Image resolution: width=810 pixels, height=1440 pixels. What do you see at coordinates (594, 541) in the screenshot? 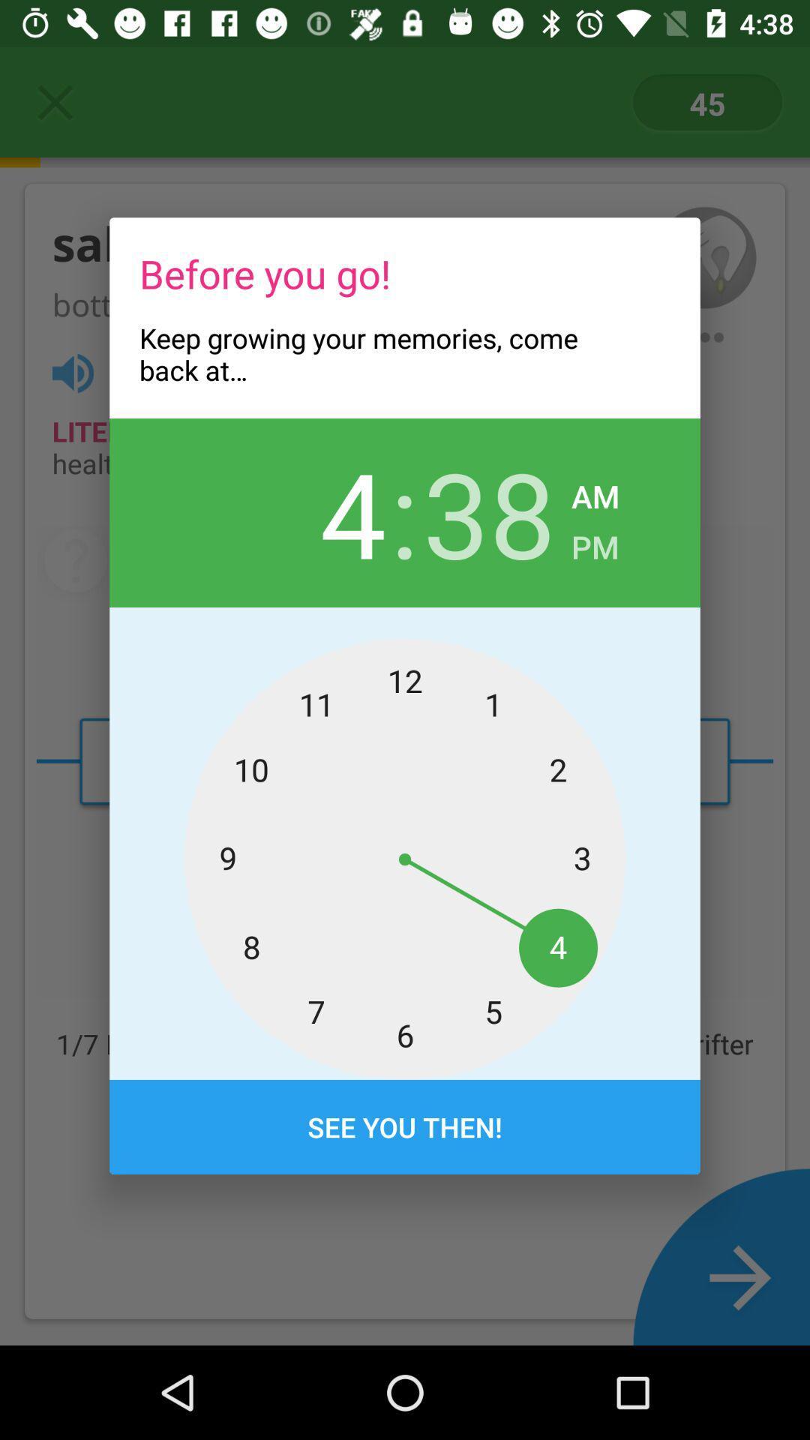
I see `the icon next to 38 icon` at bounding box center [594, 541].